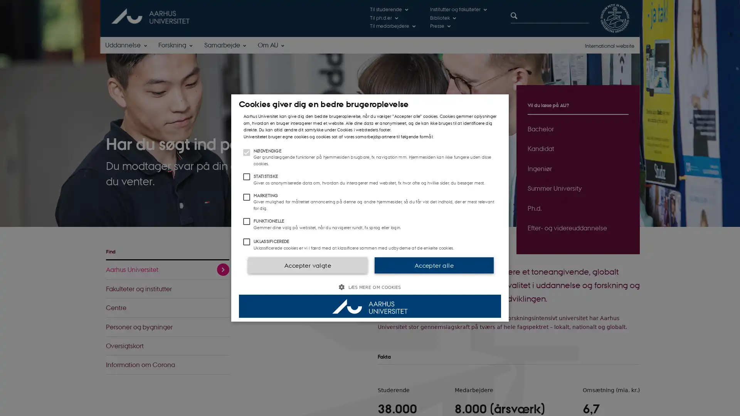 The width and height of the screenshot is (740, 416). I want to click on LS MERE OM COOKIES, so click(370, 287).